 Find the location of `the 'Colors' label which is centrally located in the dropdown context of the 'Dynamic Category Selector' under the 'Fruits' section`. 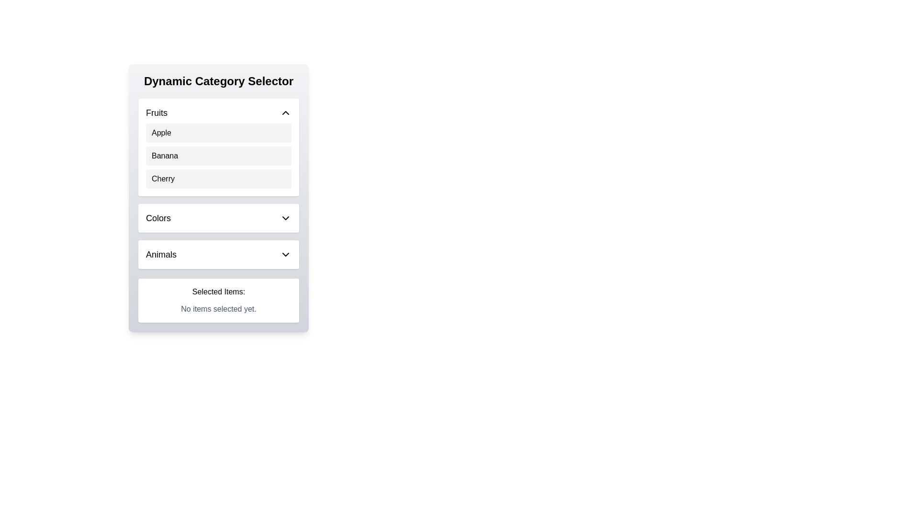

the 'Colors' label which is centrally located in the dropdown context of the 'Dynamic Category Selector' under the 'Fruits' section is located at coordinates (158, 218).